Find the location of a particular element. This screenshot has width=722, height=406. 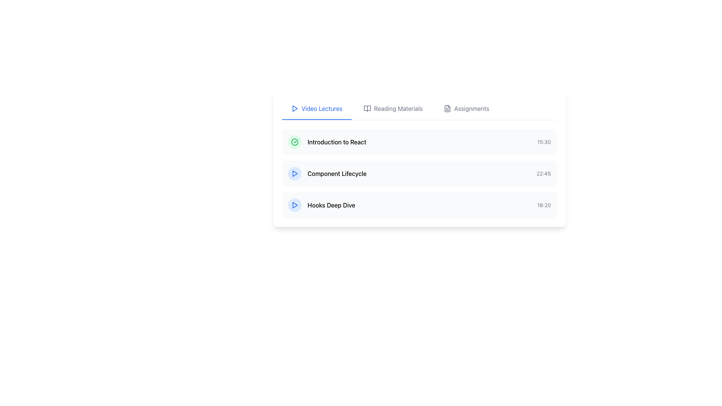

the Play icon located in the second row, preceding the text 'Component Lifecycle', to trigger playback of the associated content is located at coordinates (294, 174).